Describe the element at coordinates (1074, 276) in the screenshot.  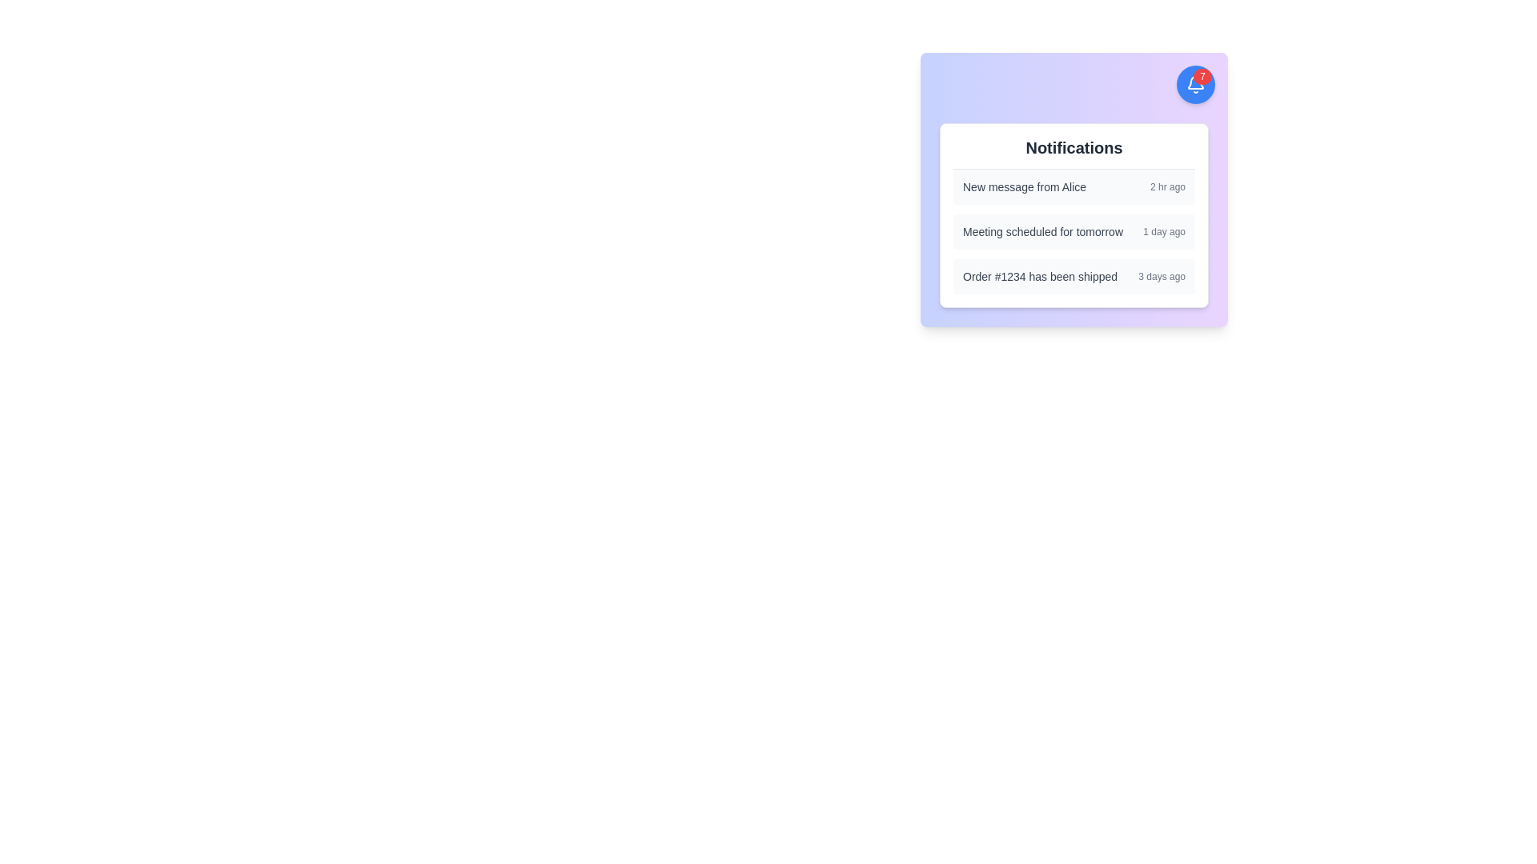
I see `the last notification entry stating 'Order #1234 has been shipped' to highlight its content` at that location.